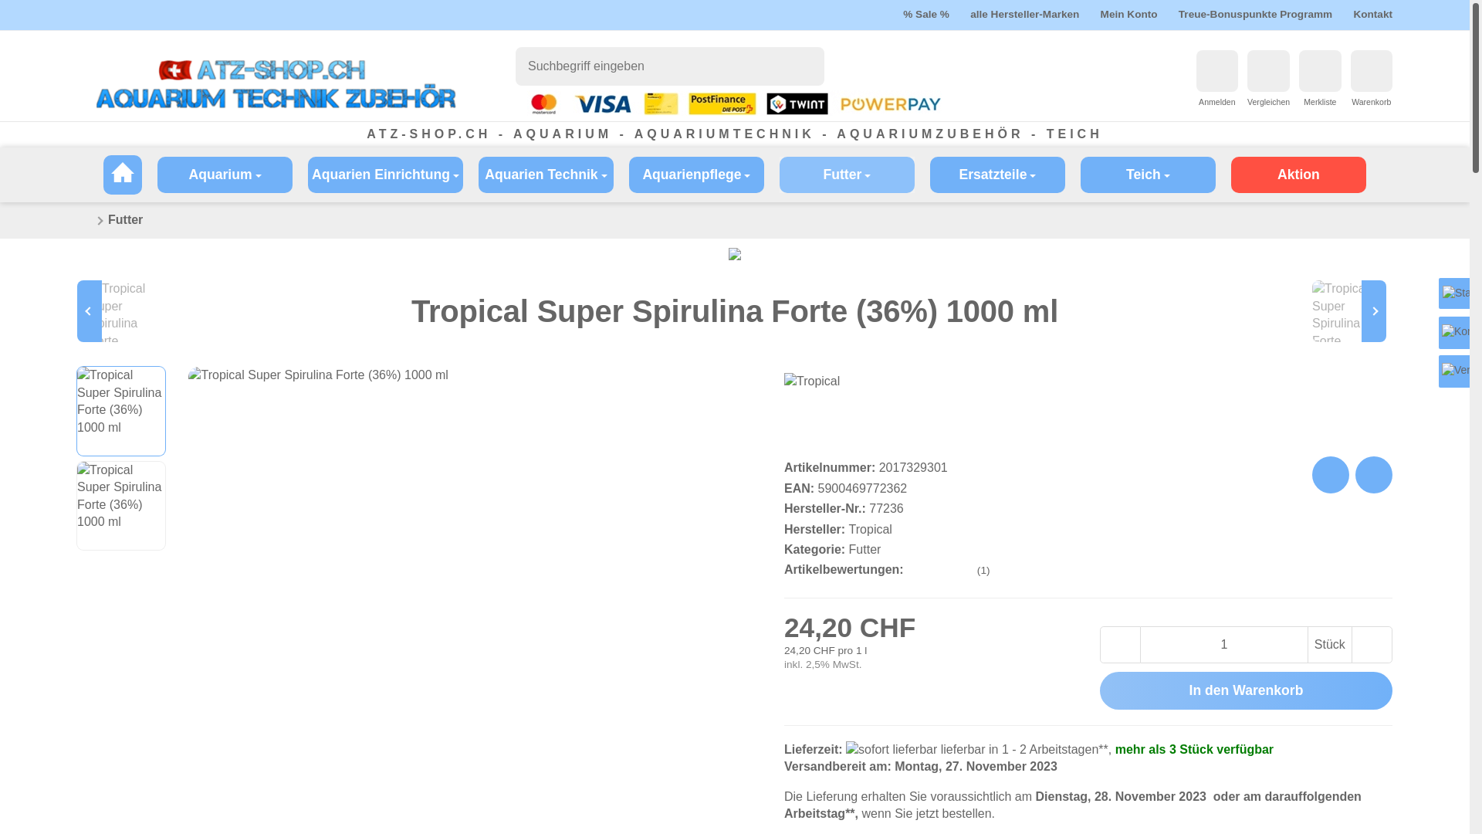 The height and width of the screenshot is (834, 1482). Describe the element at coordinates (1298, 174) in the screenshot. I see `'Aktion'` at that location.